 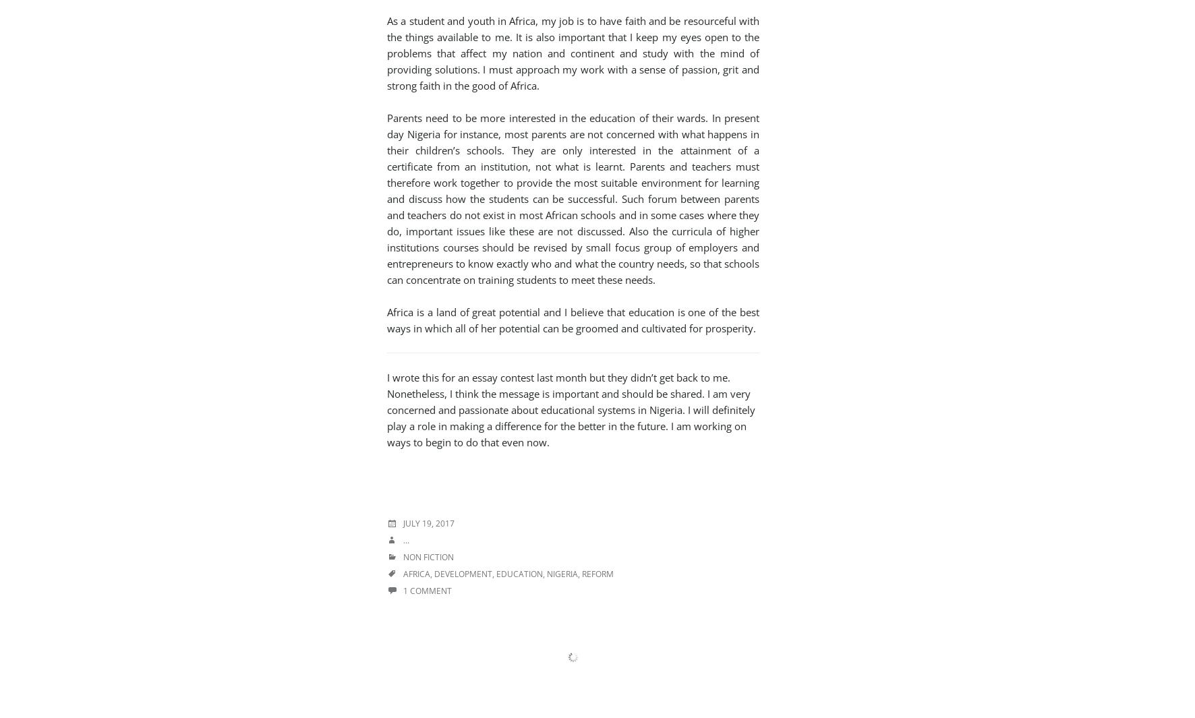 I want to click on 'Development', so click(x=463, y=574).